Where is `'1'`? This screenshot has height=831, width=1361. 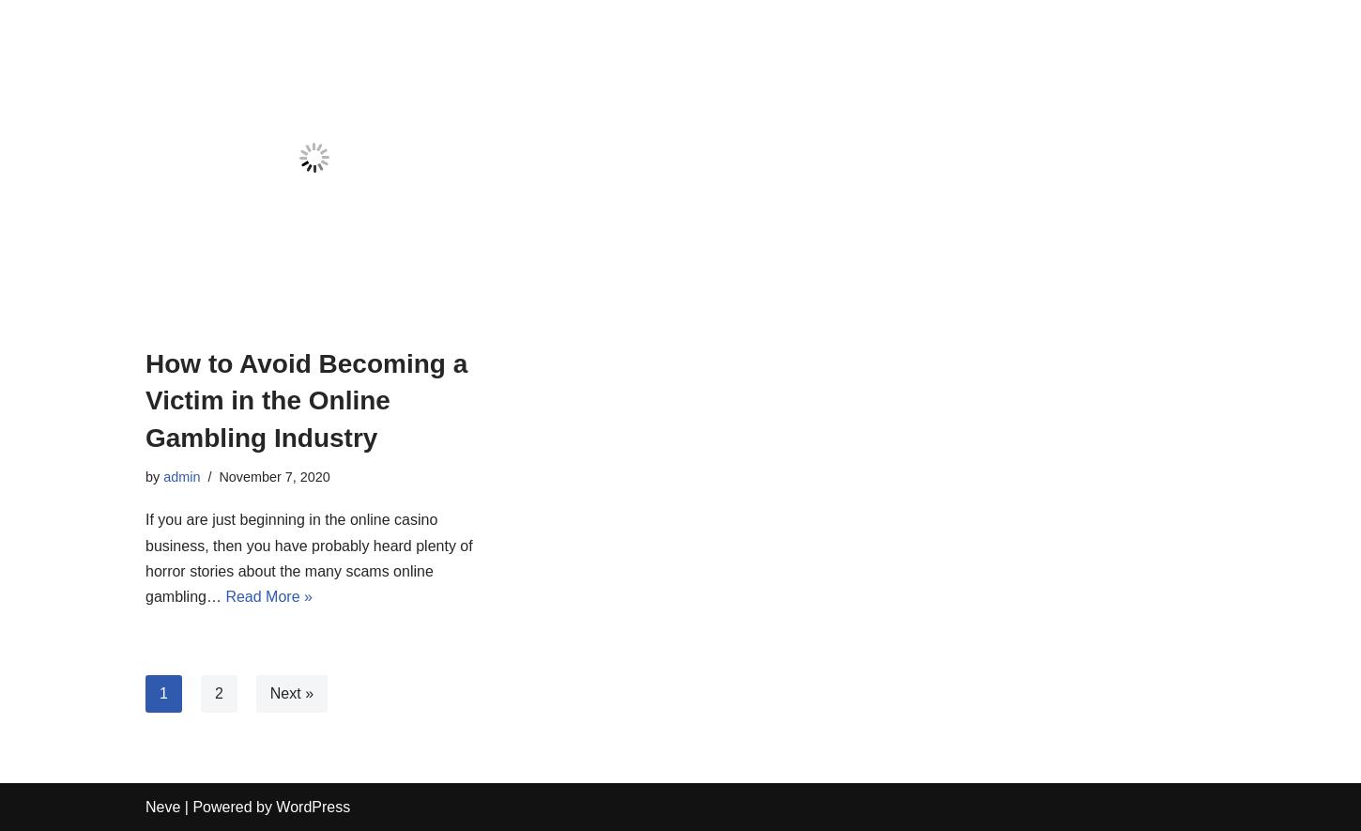
'1' is located at coordinates (162, 693).